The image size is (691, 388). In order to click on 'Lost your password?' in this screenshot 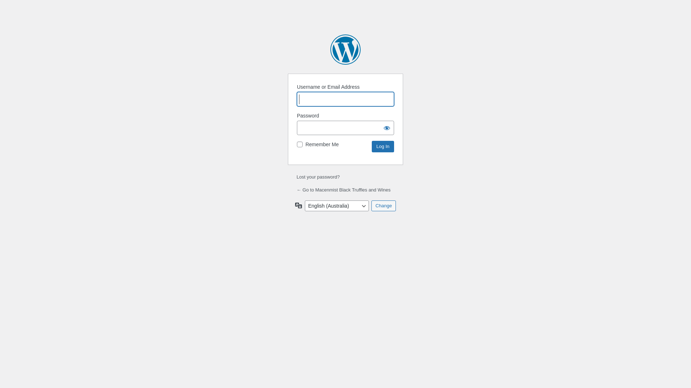, I will do `click(317, 177)`.